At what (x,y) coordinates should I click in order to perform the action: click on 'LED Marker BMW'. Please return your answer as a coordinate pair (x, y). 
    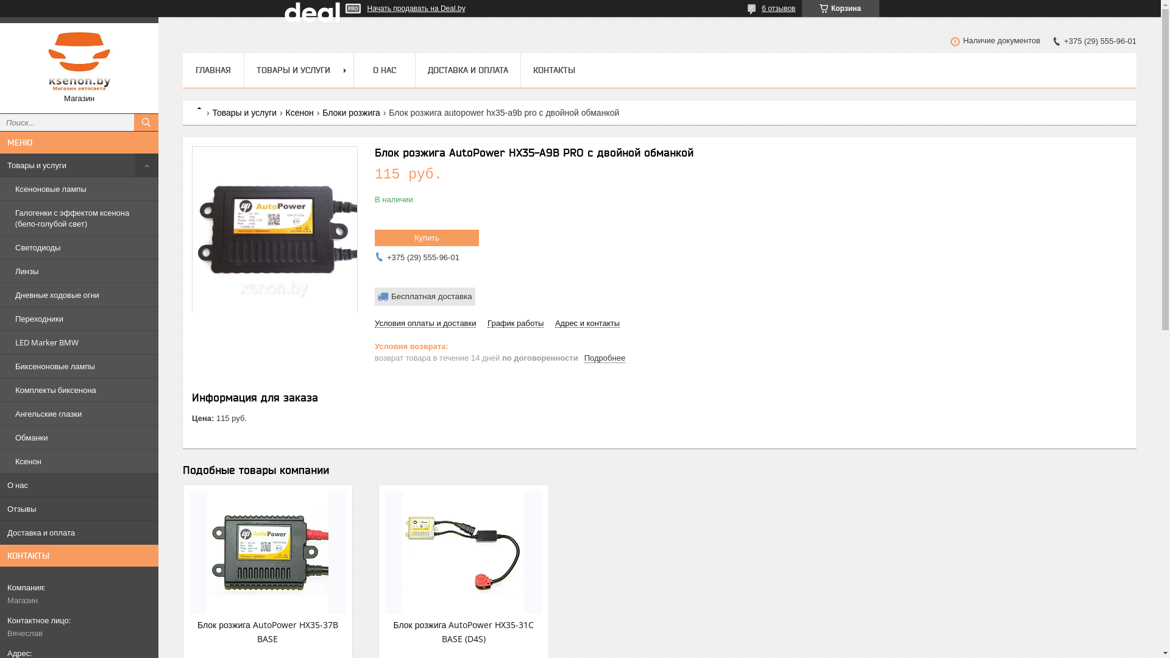
    Looking at the image, I should click on (78, 342).